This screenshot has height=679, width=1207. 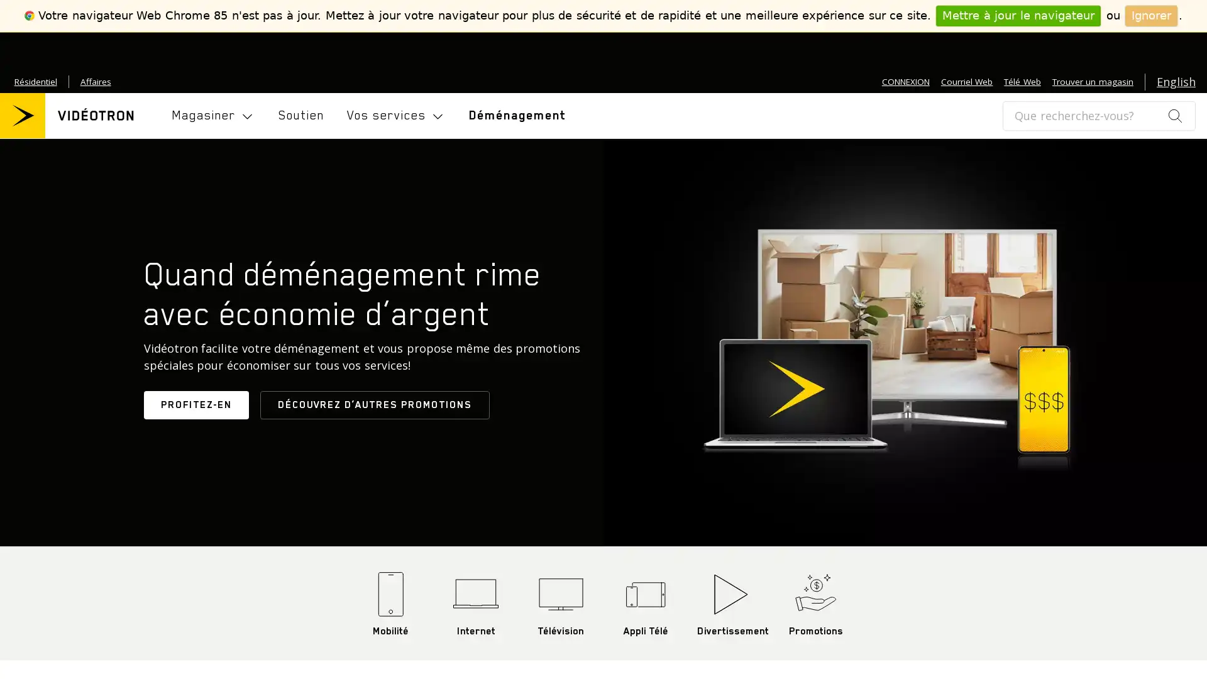 I want to click on Toggle navigation, so click(x=395, y=116).